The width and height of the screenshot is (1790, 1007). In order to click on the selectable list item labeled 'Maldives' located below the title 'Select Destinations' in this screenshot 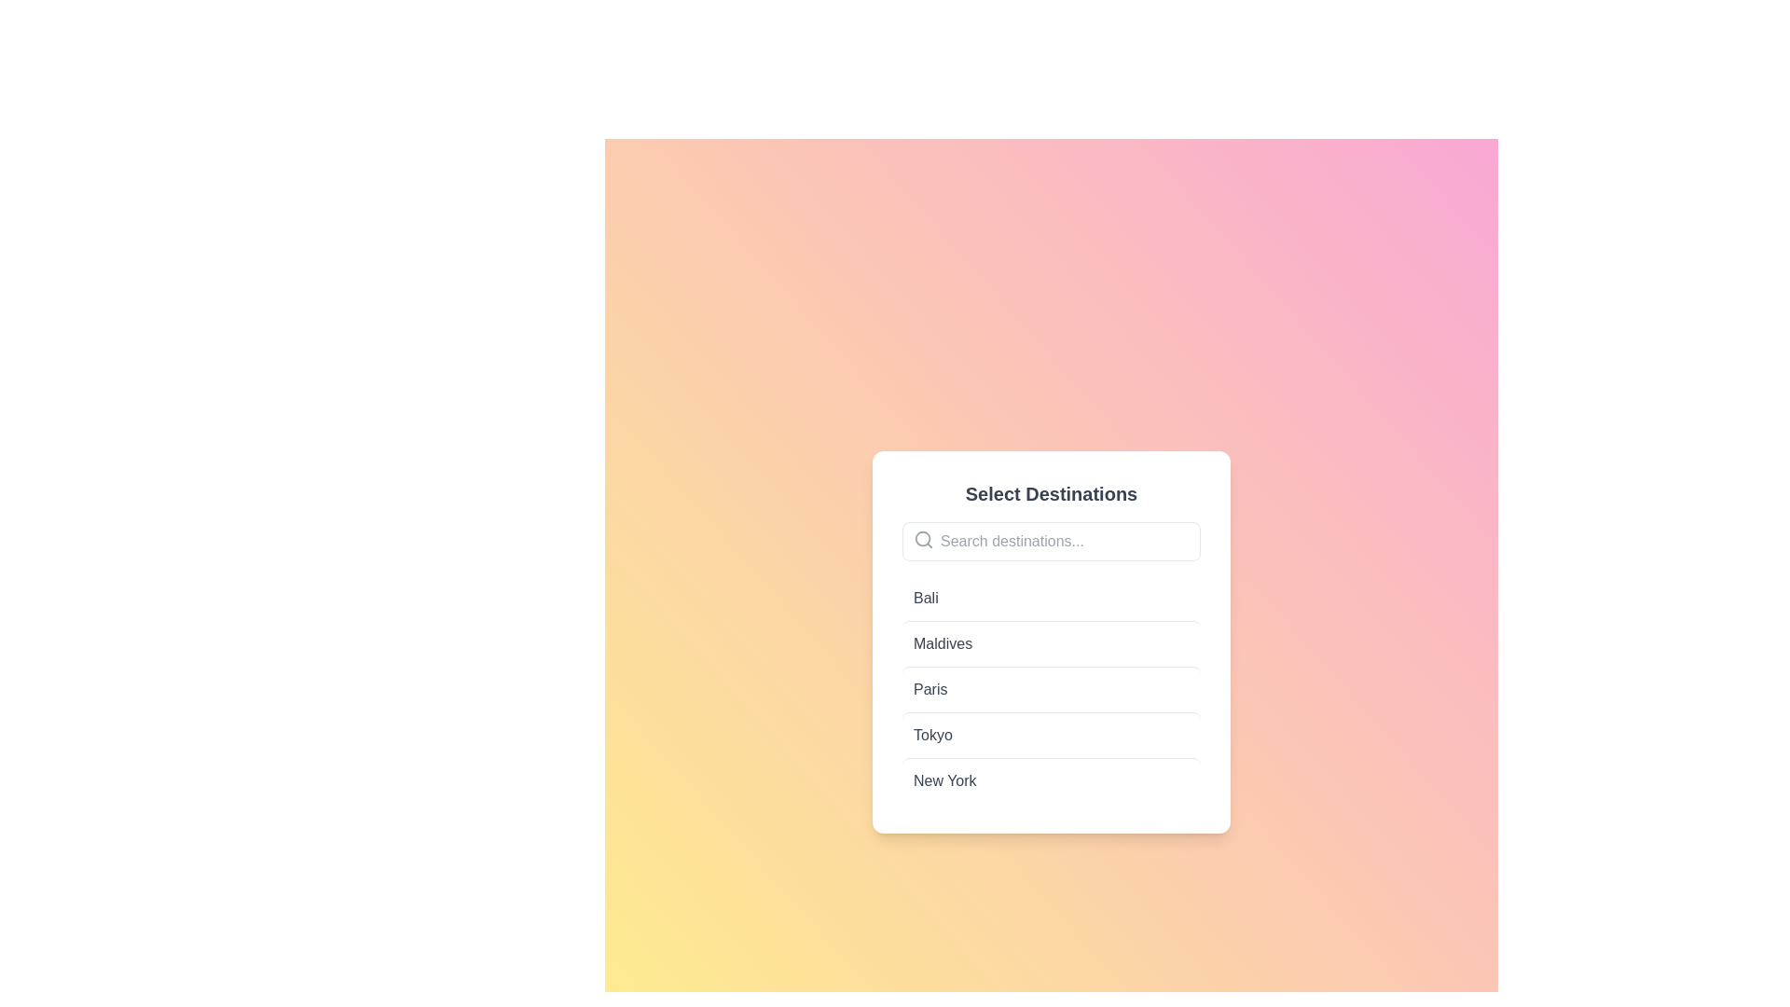, I will do `click(1052, 641)`.